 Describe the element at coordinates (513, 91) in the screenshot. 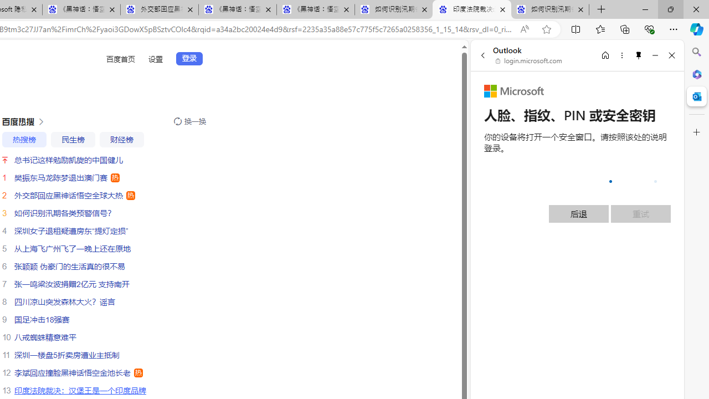

I see `'Microsoft'` at that location.